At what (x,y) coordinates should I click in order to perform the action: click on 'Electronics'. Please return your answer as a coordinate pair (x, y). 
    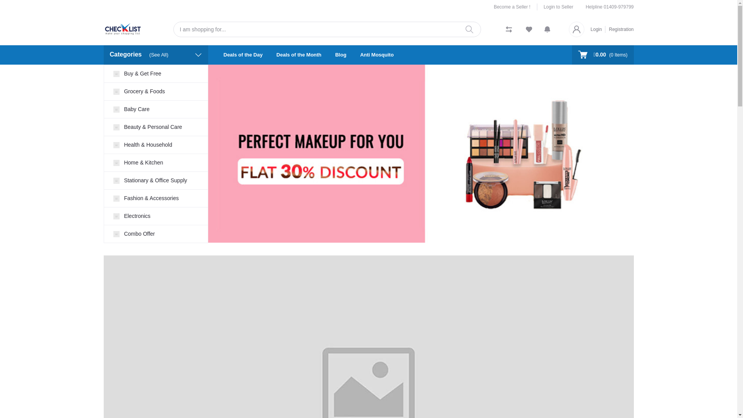
    Looking at the image, I should click on (155, 216).